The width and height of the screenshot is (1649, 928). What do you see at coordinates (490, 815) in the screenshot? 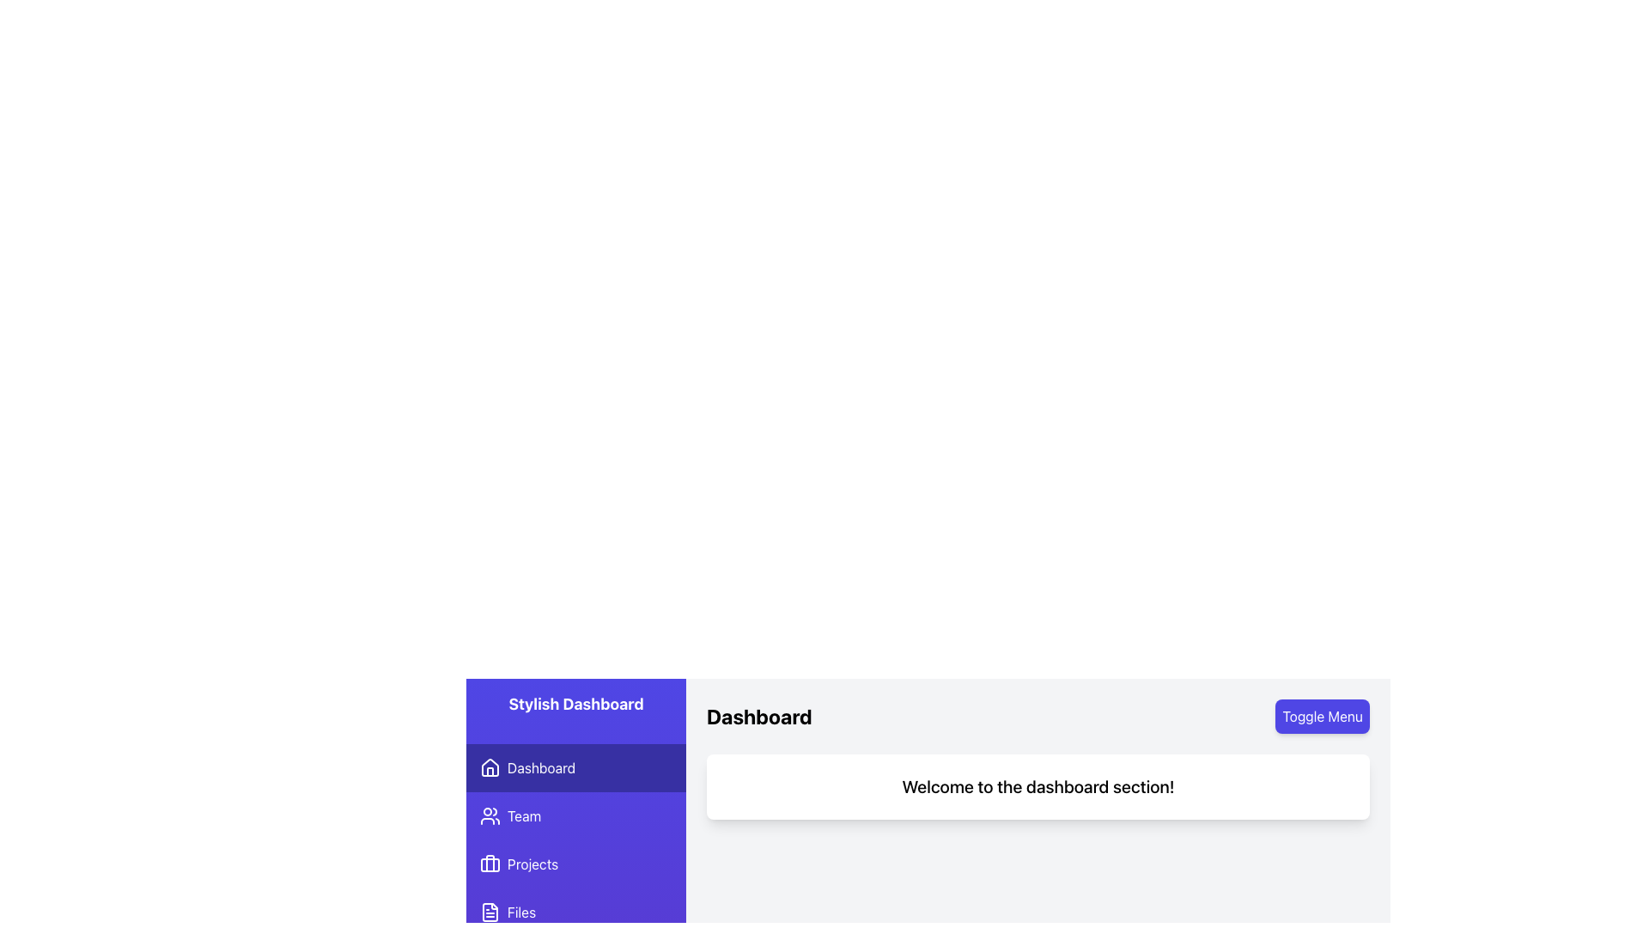
I see `the small icon representing a group of people, located in the vertical sidebar menu next to the 'Team' label` at bounding box center [490, 815].